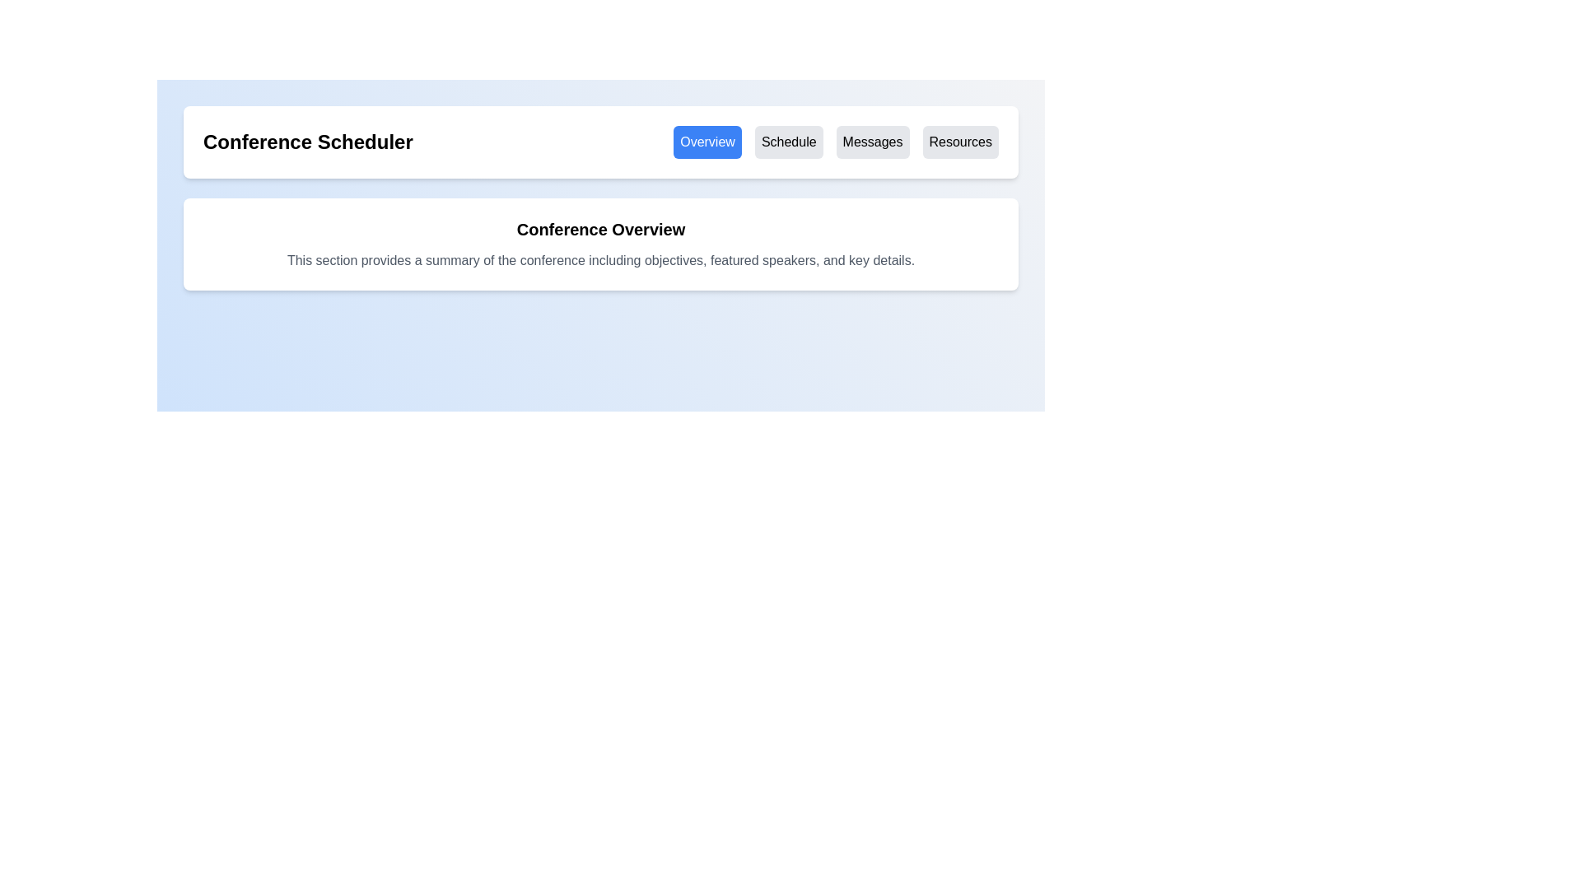 This screenshot has height=889, width=1581. Describe the element at coordinates (599, 229) in the screenshot. I see `heading text that introduces the section, positioned at the top of the content block above the descriptive paragraph` at that location.